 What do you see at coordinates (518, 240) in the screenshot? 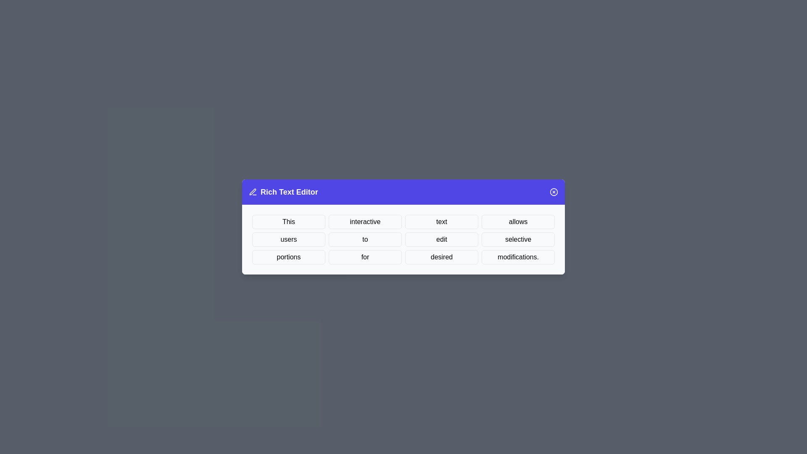
I see `the word selective to select it` at bounding box center [518, 240].